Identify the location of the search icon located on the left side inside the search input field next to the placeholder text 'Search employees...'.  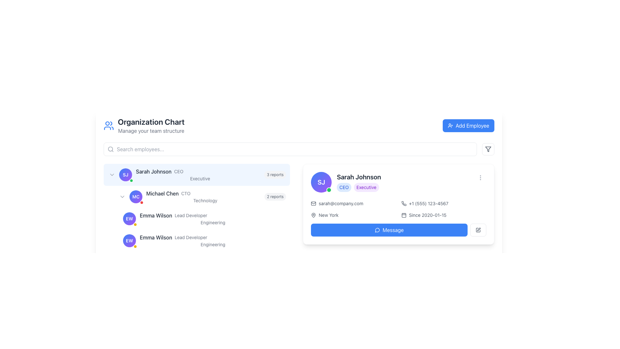
(110, 149).